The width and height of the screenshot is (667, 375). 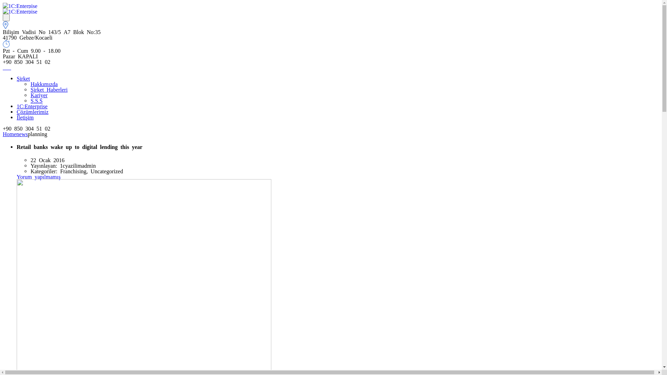 What do you see at coordinates (5, 67) in the screenshot?
I see `' '` at bounding box center [5, 67].